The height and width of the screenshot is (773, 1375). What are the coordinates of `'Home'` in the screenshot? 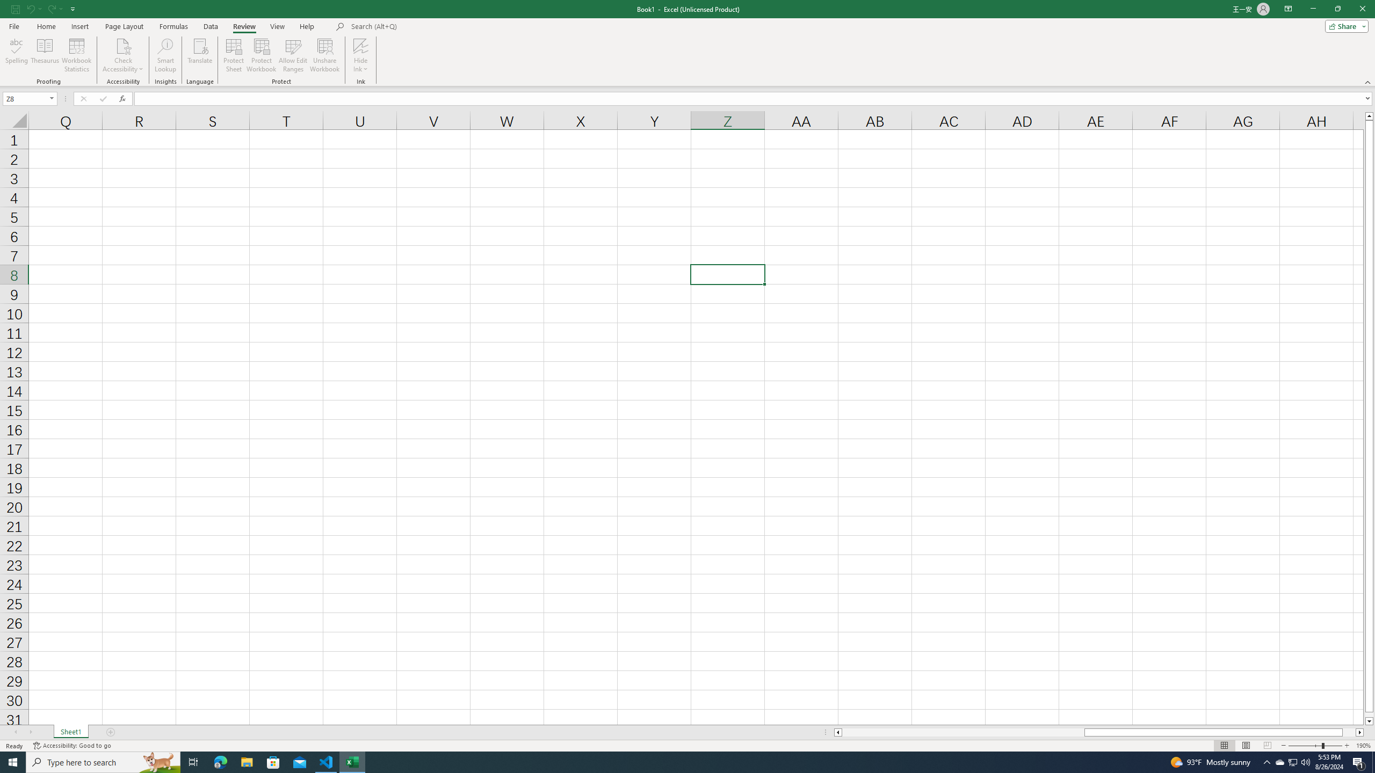 It's located at (46, 26).